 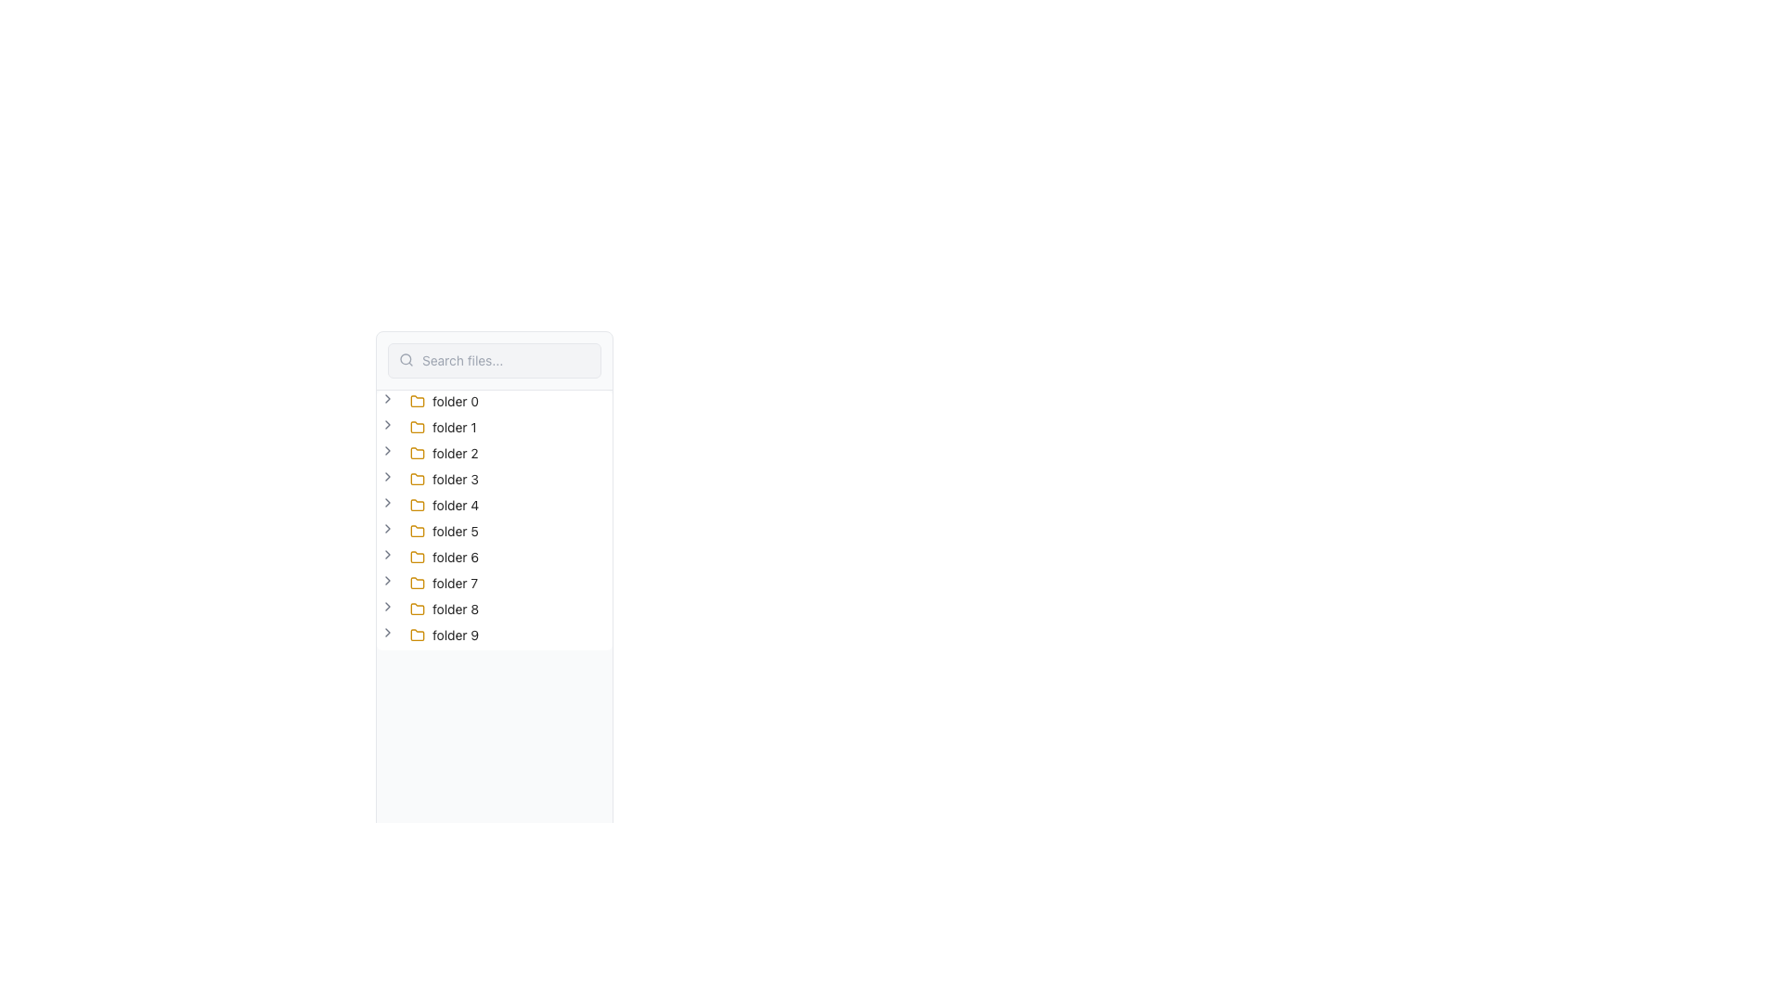 I want to click on the toggle button (chevron icon) located to the left of the 'folder 0' label, so click(x=386, y=400).